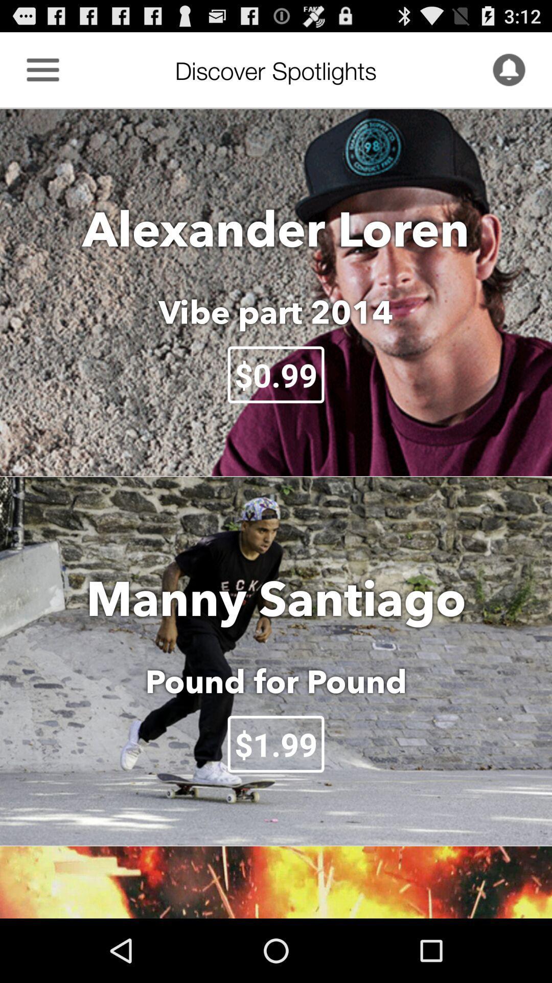 The width and height of the screenshot is (552, 983). Describe the element at coordinates (509, 69) in the screenshot. I see `receive notifications of new posts` at that location.